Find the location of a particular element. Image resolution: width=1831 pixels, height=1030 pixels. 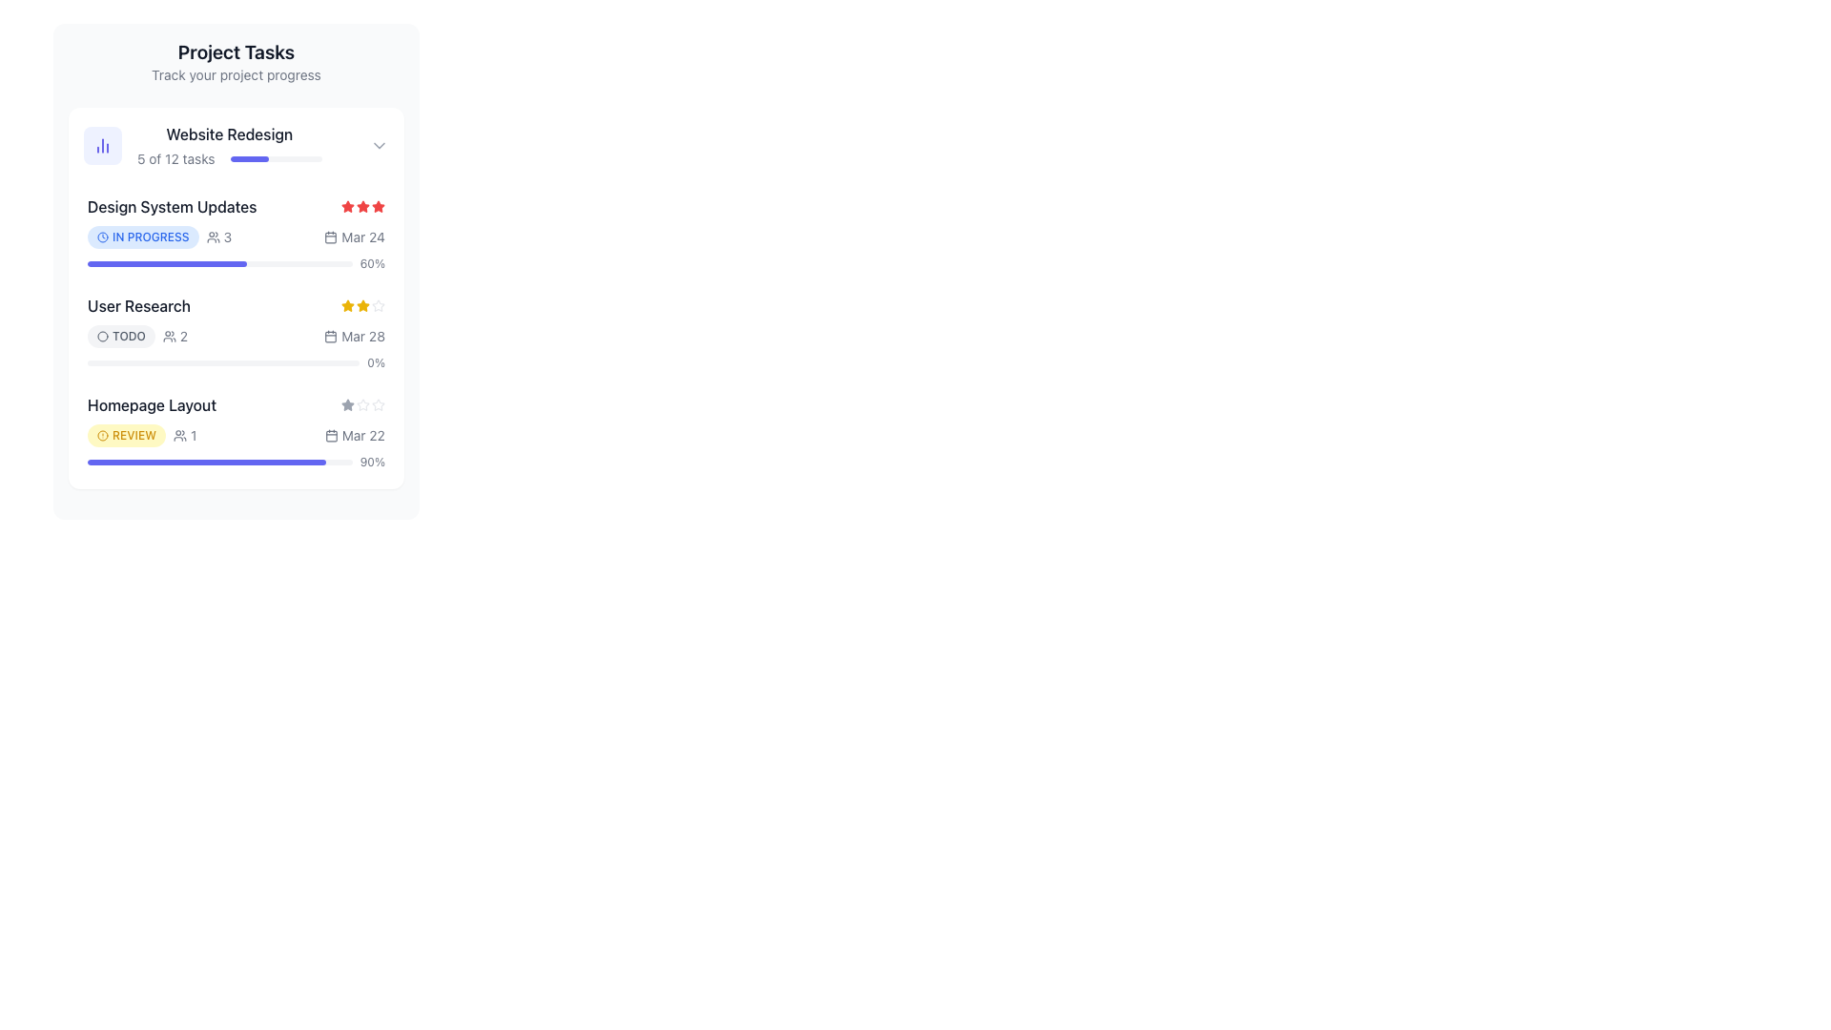

progress percentage from the progress bar representing the completion status of the 'Homepage Layout' task, which shows that it is 90% complete is located at coordinates (236, 463).